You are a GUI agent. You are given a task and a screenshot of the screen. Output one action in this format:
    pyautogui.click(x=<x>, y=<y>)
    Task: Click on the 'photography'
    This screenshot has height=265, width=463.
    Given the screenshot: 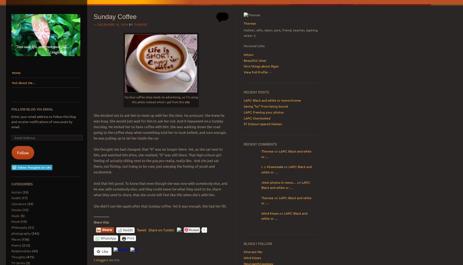 What is the action you would take?
    pyautogui.click(x=21, y=232)
    